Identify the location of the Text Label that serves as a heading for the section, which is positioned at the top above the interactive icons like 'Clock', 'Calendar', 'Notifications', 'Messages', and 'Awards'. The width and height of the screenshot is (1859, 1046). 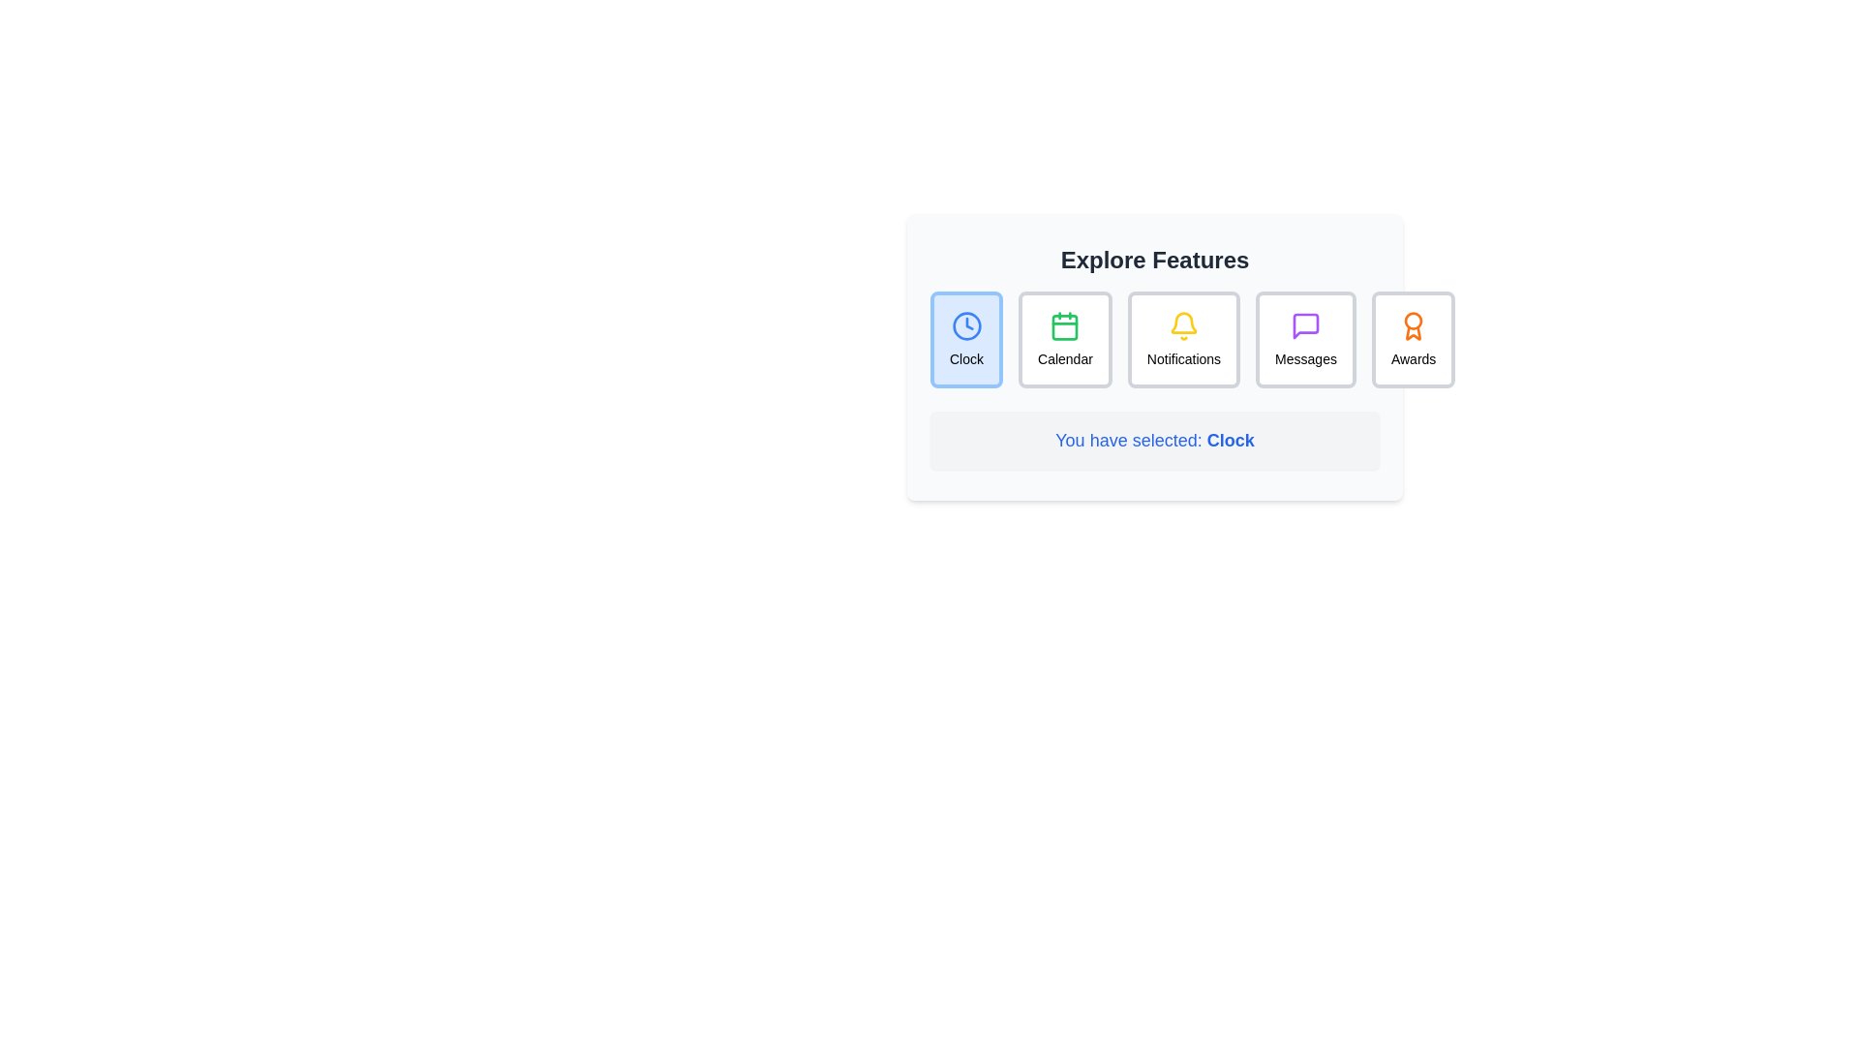
(1155, 260).